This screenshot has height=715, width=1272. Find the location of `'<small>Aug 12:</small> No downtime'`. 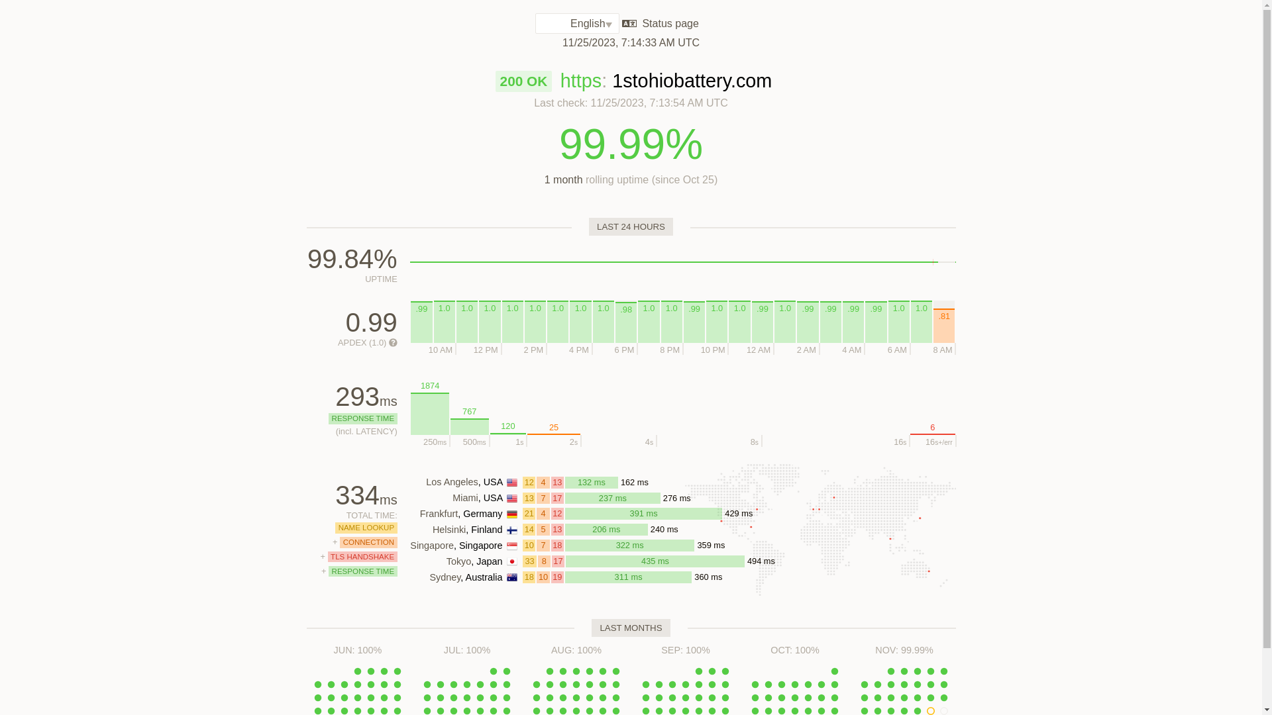

'<small>Aug 12:</small> No downtime' is located at coordinates (602, 684).